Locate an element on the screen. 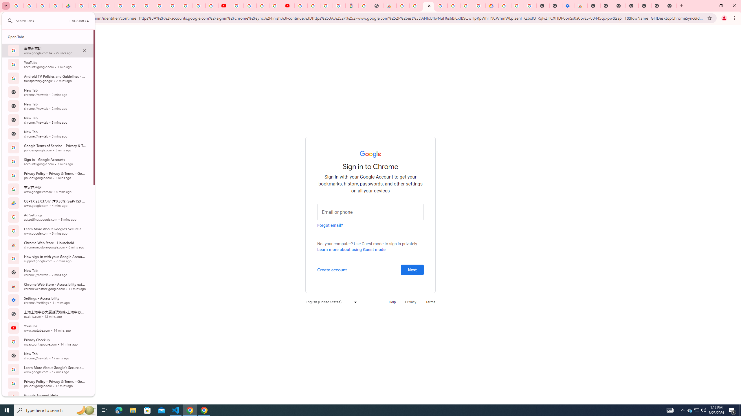 This screenshot has width=741, height=416. 'Create account' is located at coordinates (331, 269).